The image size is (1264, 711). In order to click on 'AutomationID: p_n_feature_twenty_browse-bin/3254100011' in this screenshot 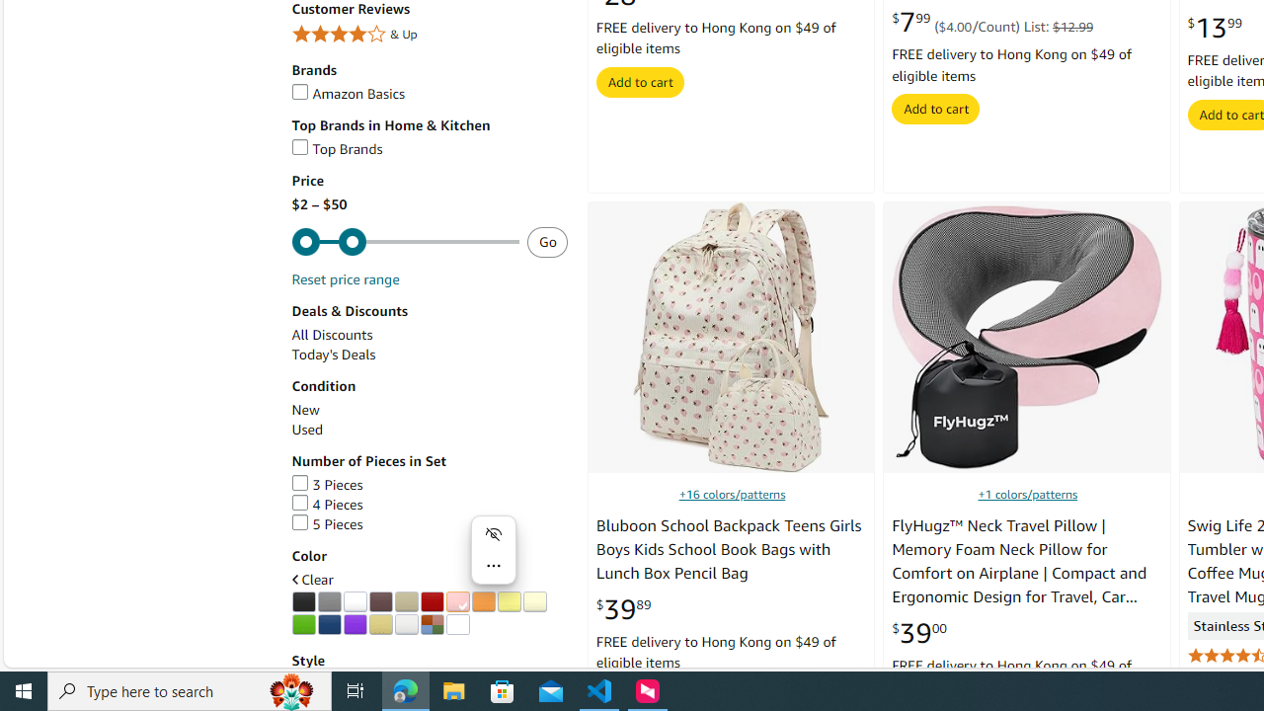, I will do `click(355, 600)`.